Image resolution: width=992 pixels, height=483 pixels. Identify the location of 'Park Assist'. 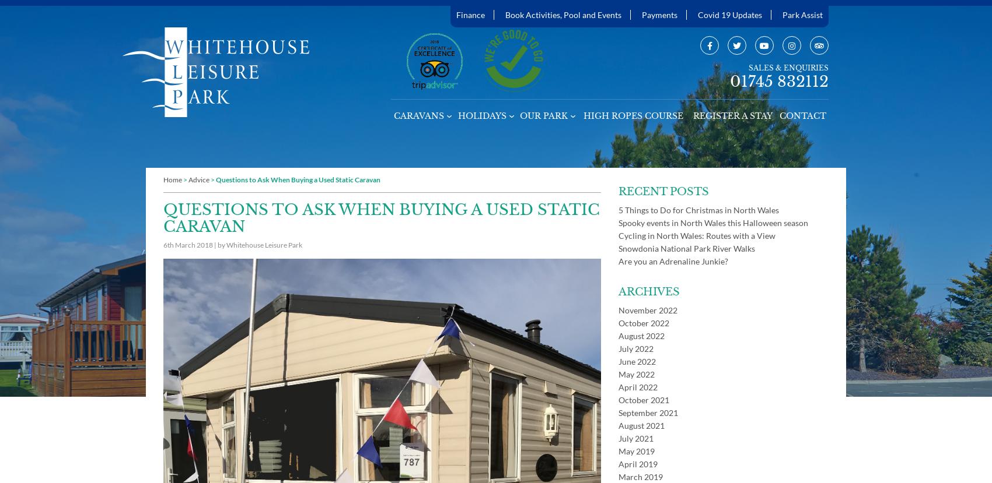
(802, 15).